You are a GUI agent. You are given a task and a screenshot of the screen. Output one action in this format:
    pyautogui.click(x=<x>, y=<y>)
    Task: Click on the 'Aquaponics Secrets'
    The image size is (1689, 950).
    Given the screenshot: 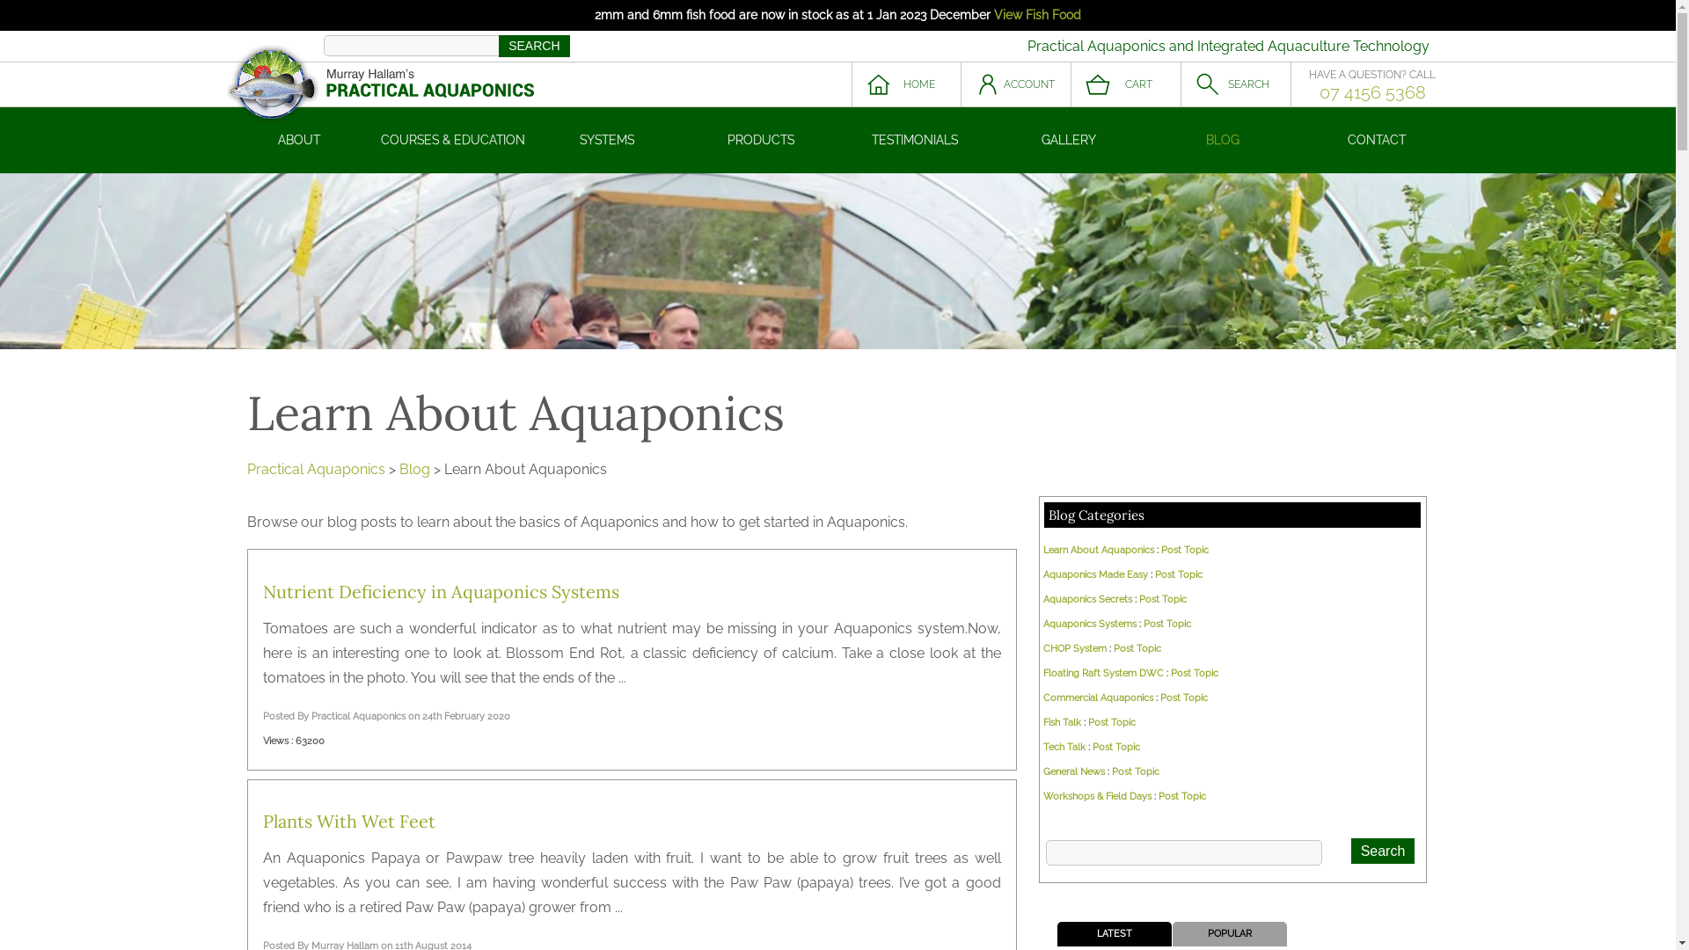 What is the action you would take?
    pyautogui.click(x=1086, y=598)
    